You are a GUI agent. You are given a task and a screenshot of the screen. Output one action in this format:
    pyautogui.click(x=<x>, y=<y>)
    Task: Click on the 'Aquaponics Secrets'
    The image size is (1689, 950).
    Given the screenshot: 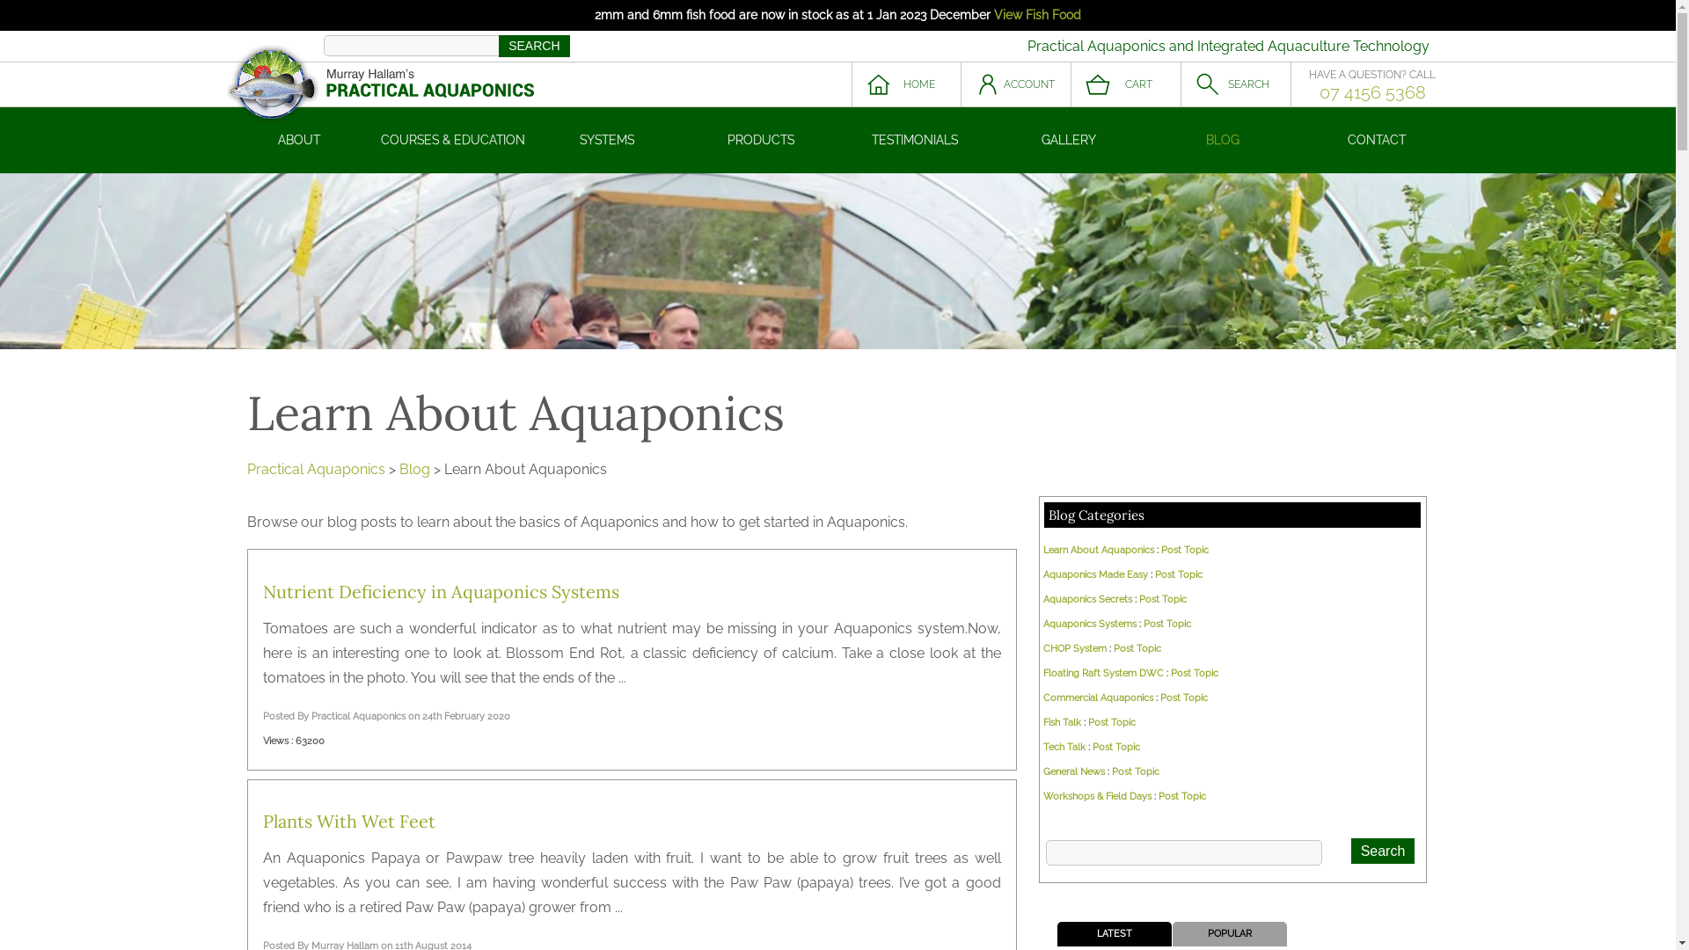 What is the action you would take?
    pyautogui.click(x=1086, y=598)
    